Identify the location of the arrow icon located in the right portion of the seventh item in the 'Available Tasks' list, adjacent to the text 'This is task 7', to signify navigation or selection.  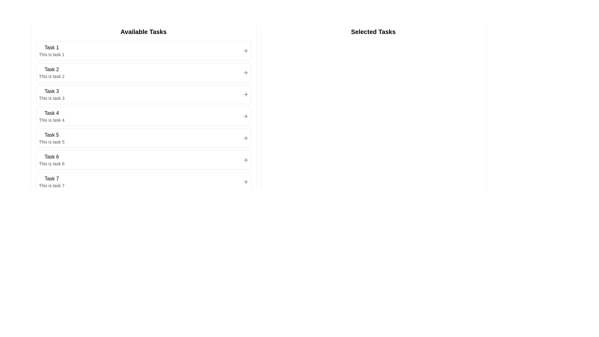
(246, 182).